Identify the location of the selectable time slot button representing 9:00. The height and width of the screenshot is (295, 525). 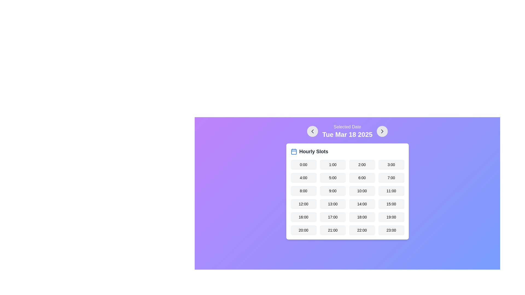
(332, 190).